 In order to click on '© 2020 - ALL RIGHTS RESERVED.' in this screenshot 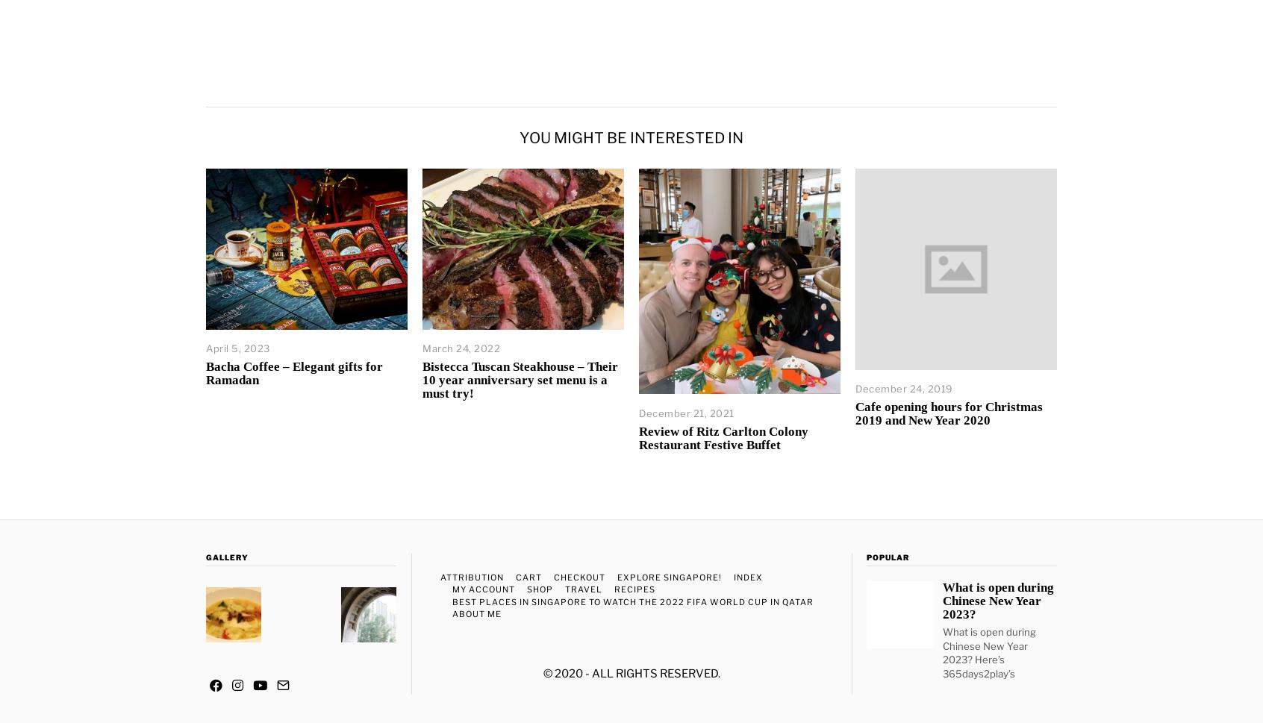, I will do `click(631, 673)`.